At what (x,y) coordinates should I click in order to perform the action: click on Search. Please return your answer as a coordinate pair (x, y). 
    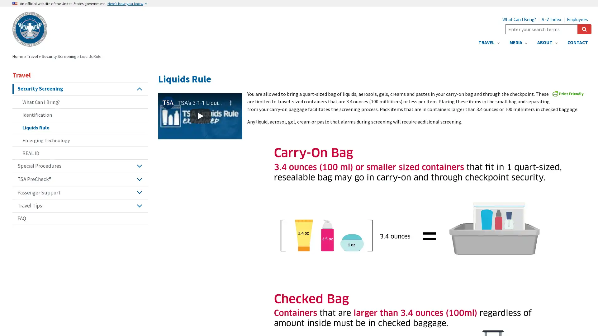
    Looking at the image, I should click on (584, 29).